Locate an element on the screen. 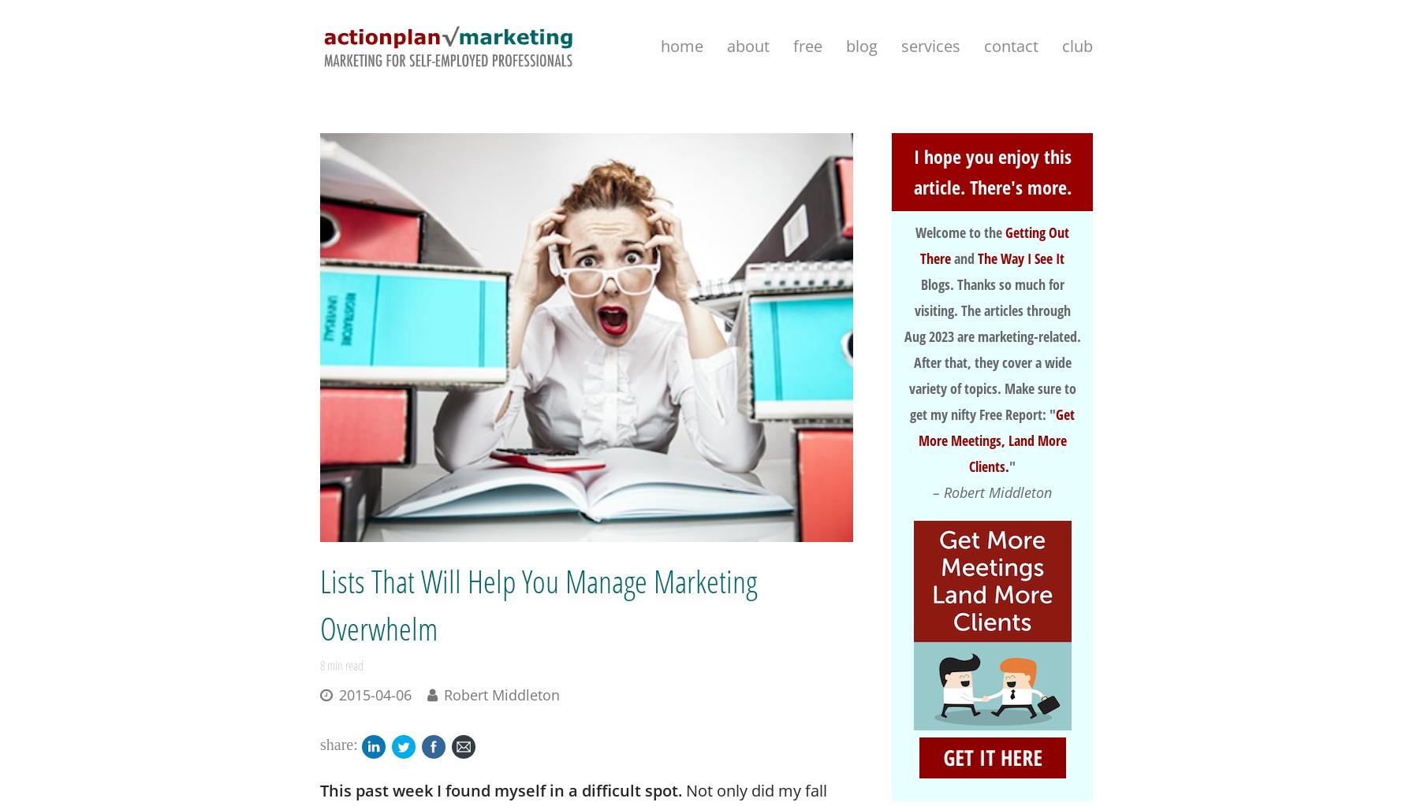 Image resolution: width=1413 pixels, height=806 pixels. '"' is located at coordinates (1012, 465).